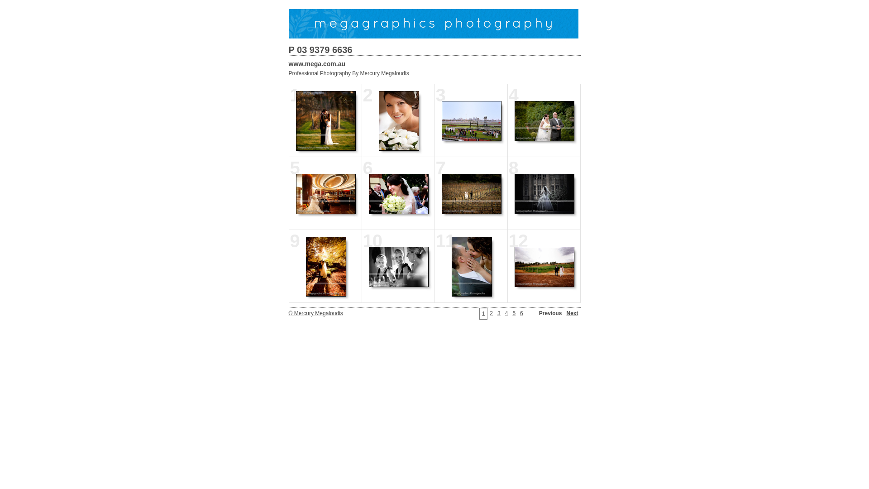  I want to click on '12', so click(543, 265).